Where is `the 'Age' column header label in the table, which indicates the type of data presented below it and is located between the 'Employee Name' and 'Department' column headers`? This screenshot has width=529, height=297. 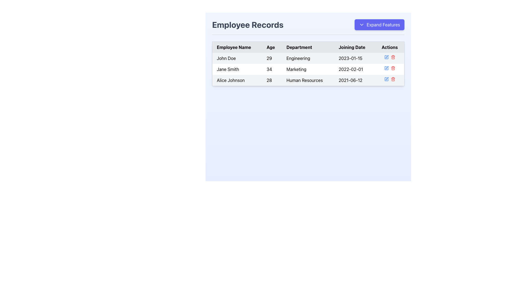 the 'Age' column header label in the table, which indicates the type of data presented below it and is located between the 'Employee Name' and 'Department' column headers is located at coordinates (272, 47).